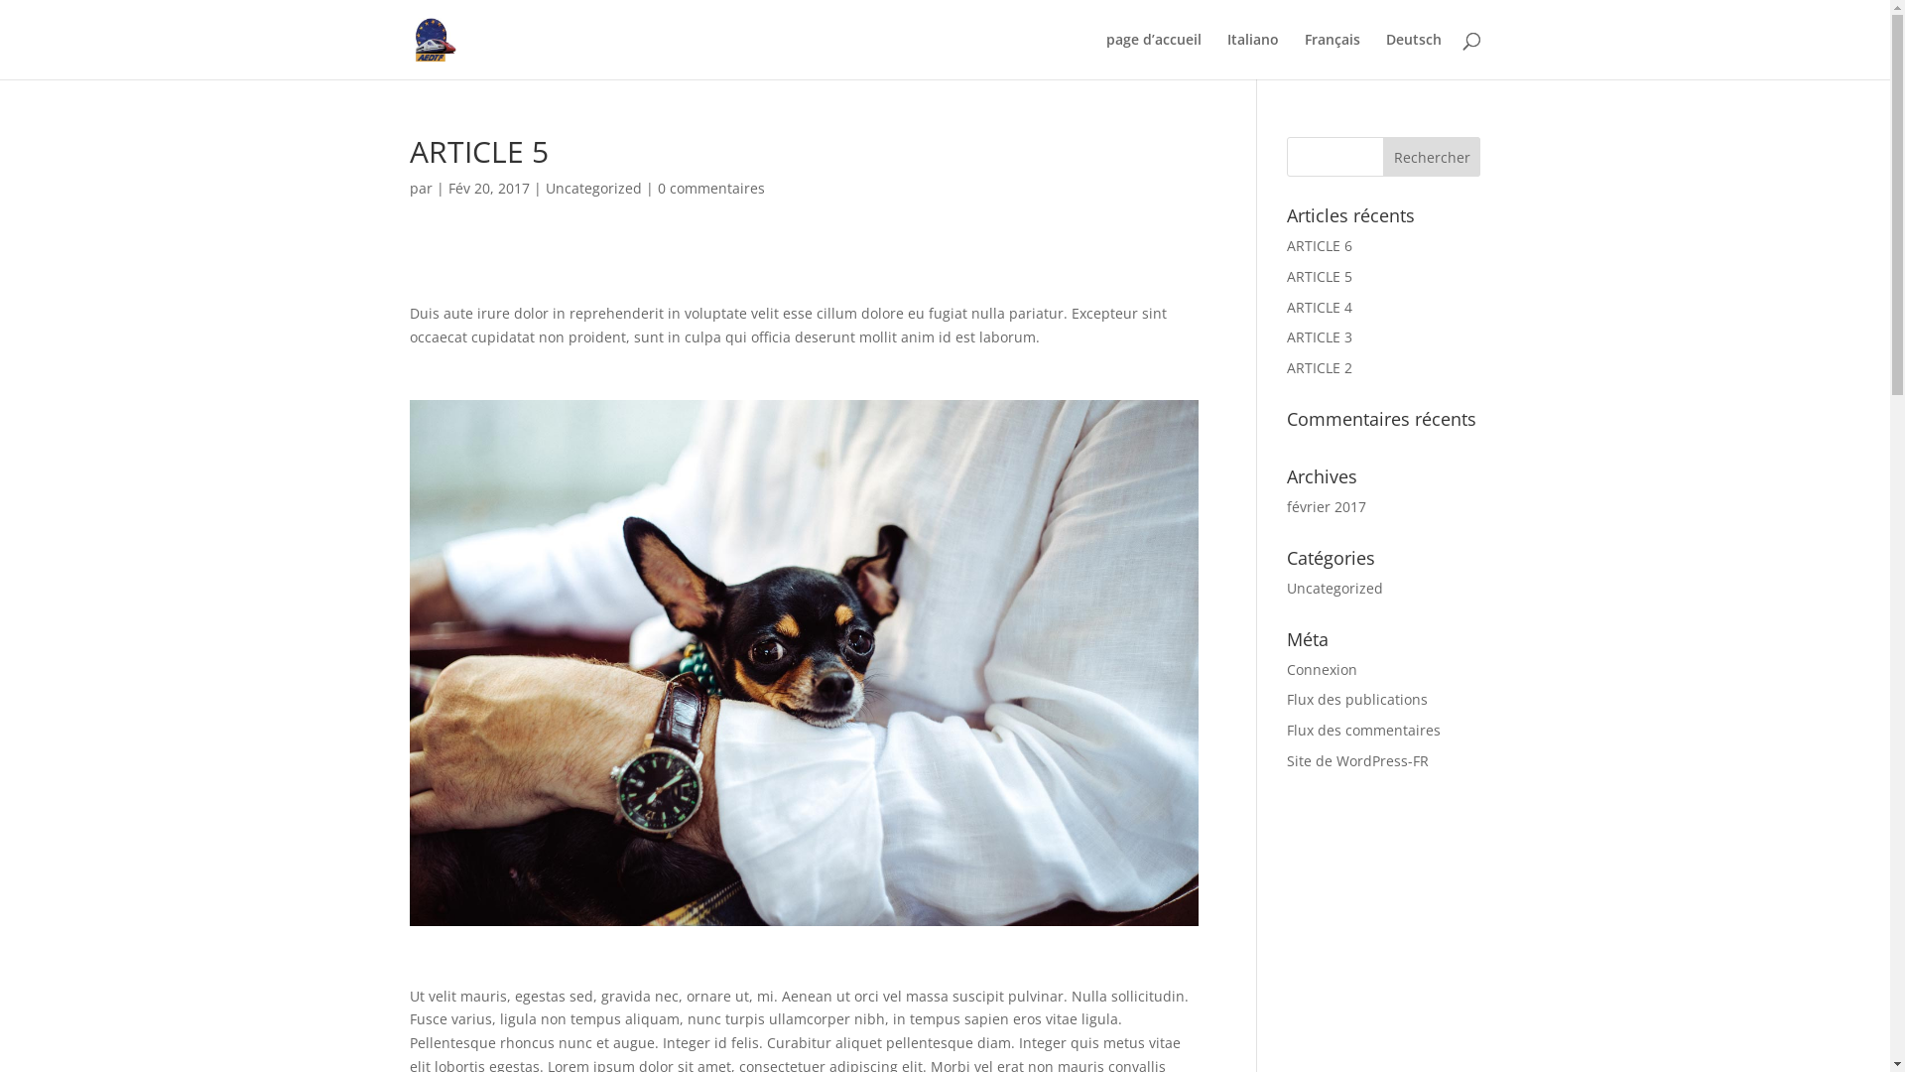  I want to click on '0 commentaires', so click(709, 188).